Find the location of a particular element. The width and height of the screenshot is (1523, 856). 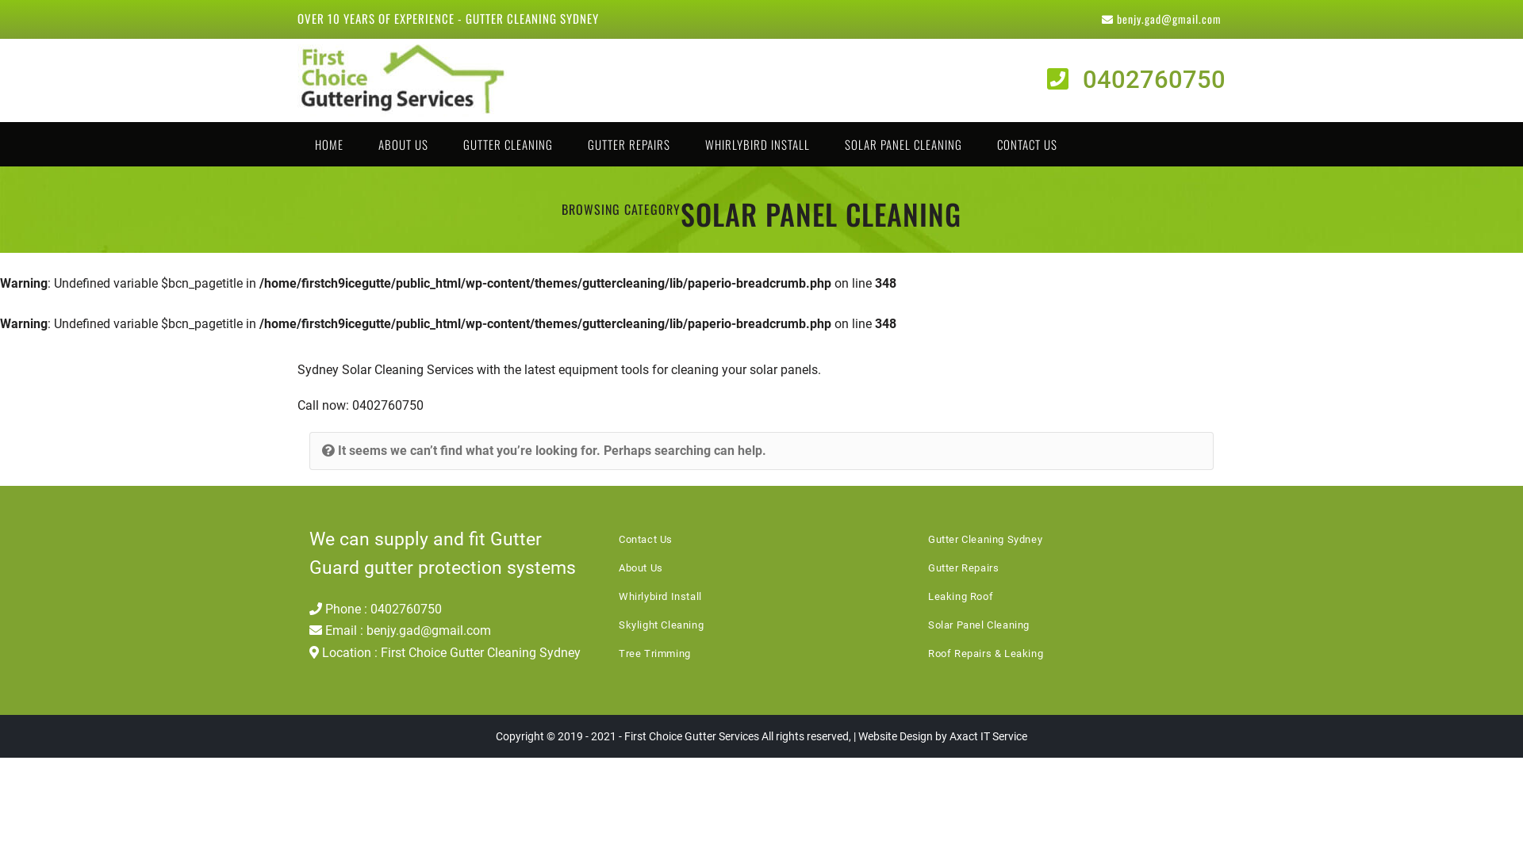

'About Us' is located at coordinates (640, 567).